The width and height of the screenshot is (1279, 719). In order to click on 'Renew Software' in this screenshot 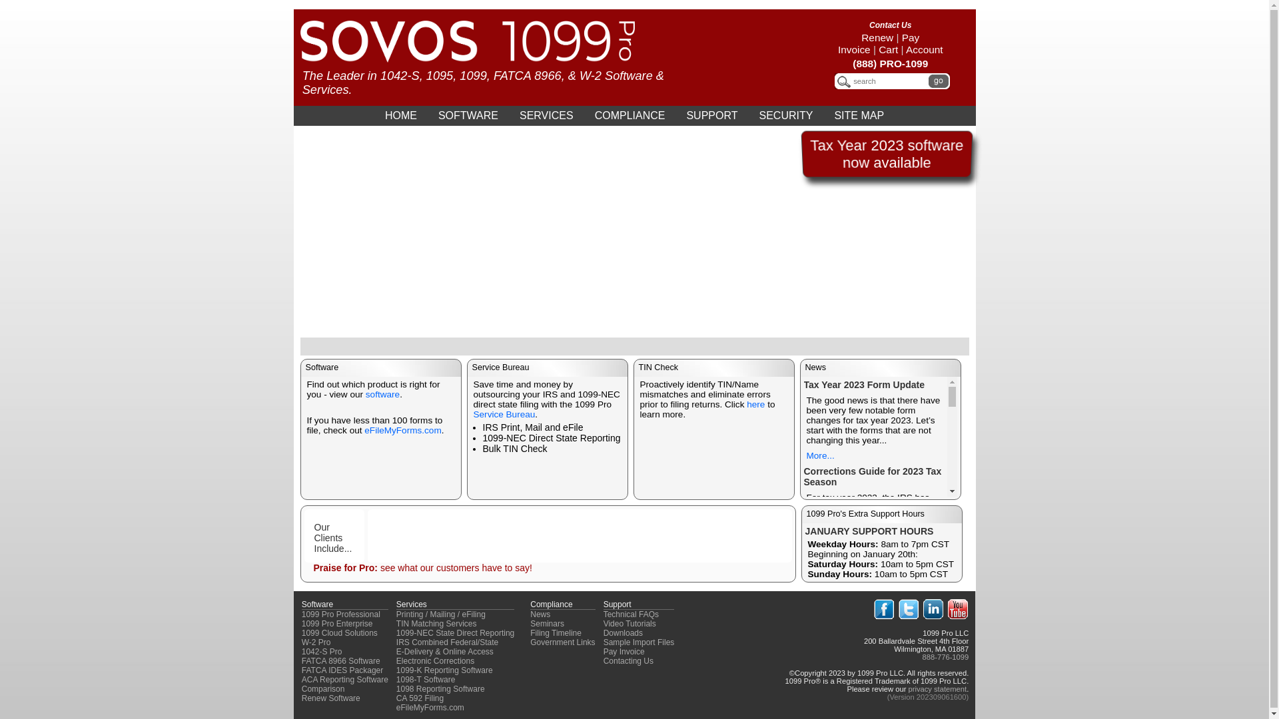, I will do `click(331, 698)`.